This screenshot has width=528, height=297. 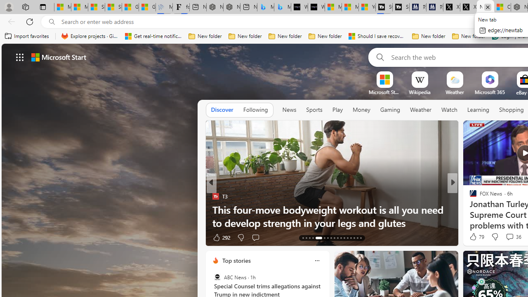 What do you see at coordinates (255, 110) in the screenshot?
I see `'Following'` at bounding box center [255, 110].